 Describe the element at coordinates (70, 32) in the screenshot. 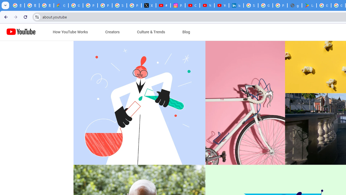

I see `'How YouTube Works'` at that location.